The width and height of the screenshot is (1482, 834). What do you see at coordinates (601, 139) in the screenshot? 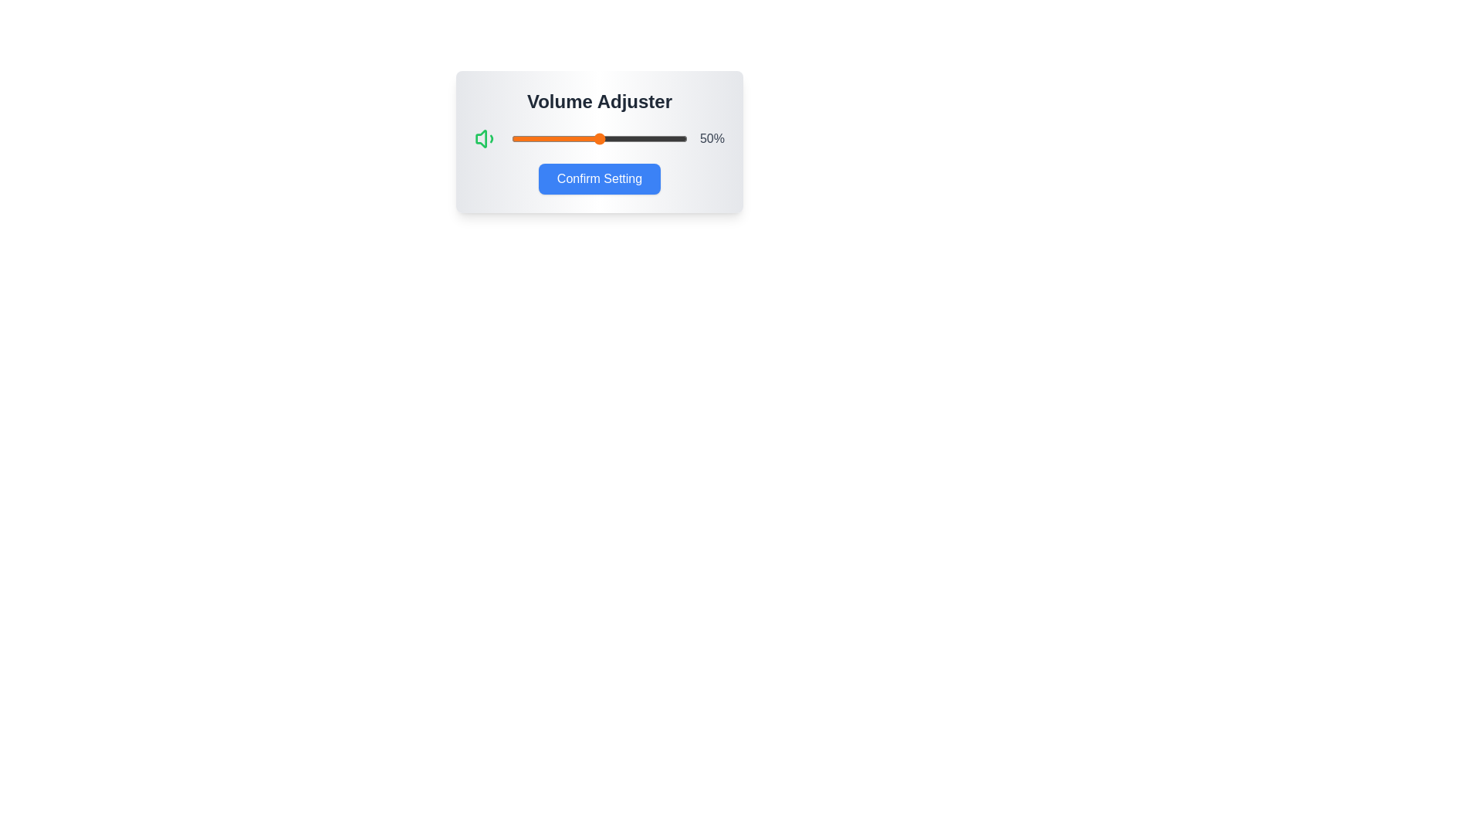
I see `the volume slider to 51%` at bounding box center [601, 139].